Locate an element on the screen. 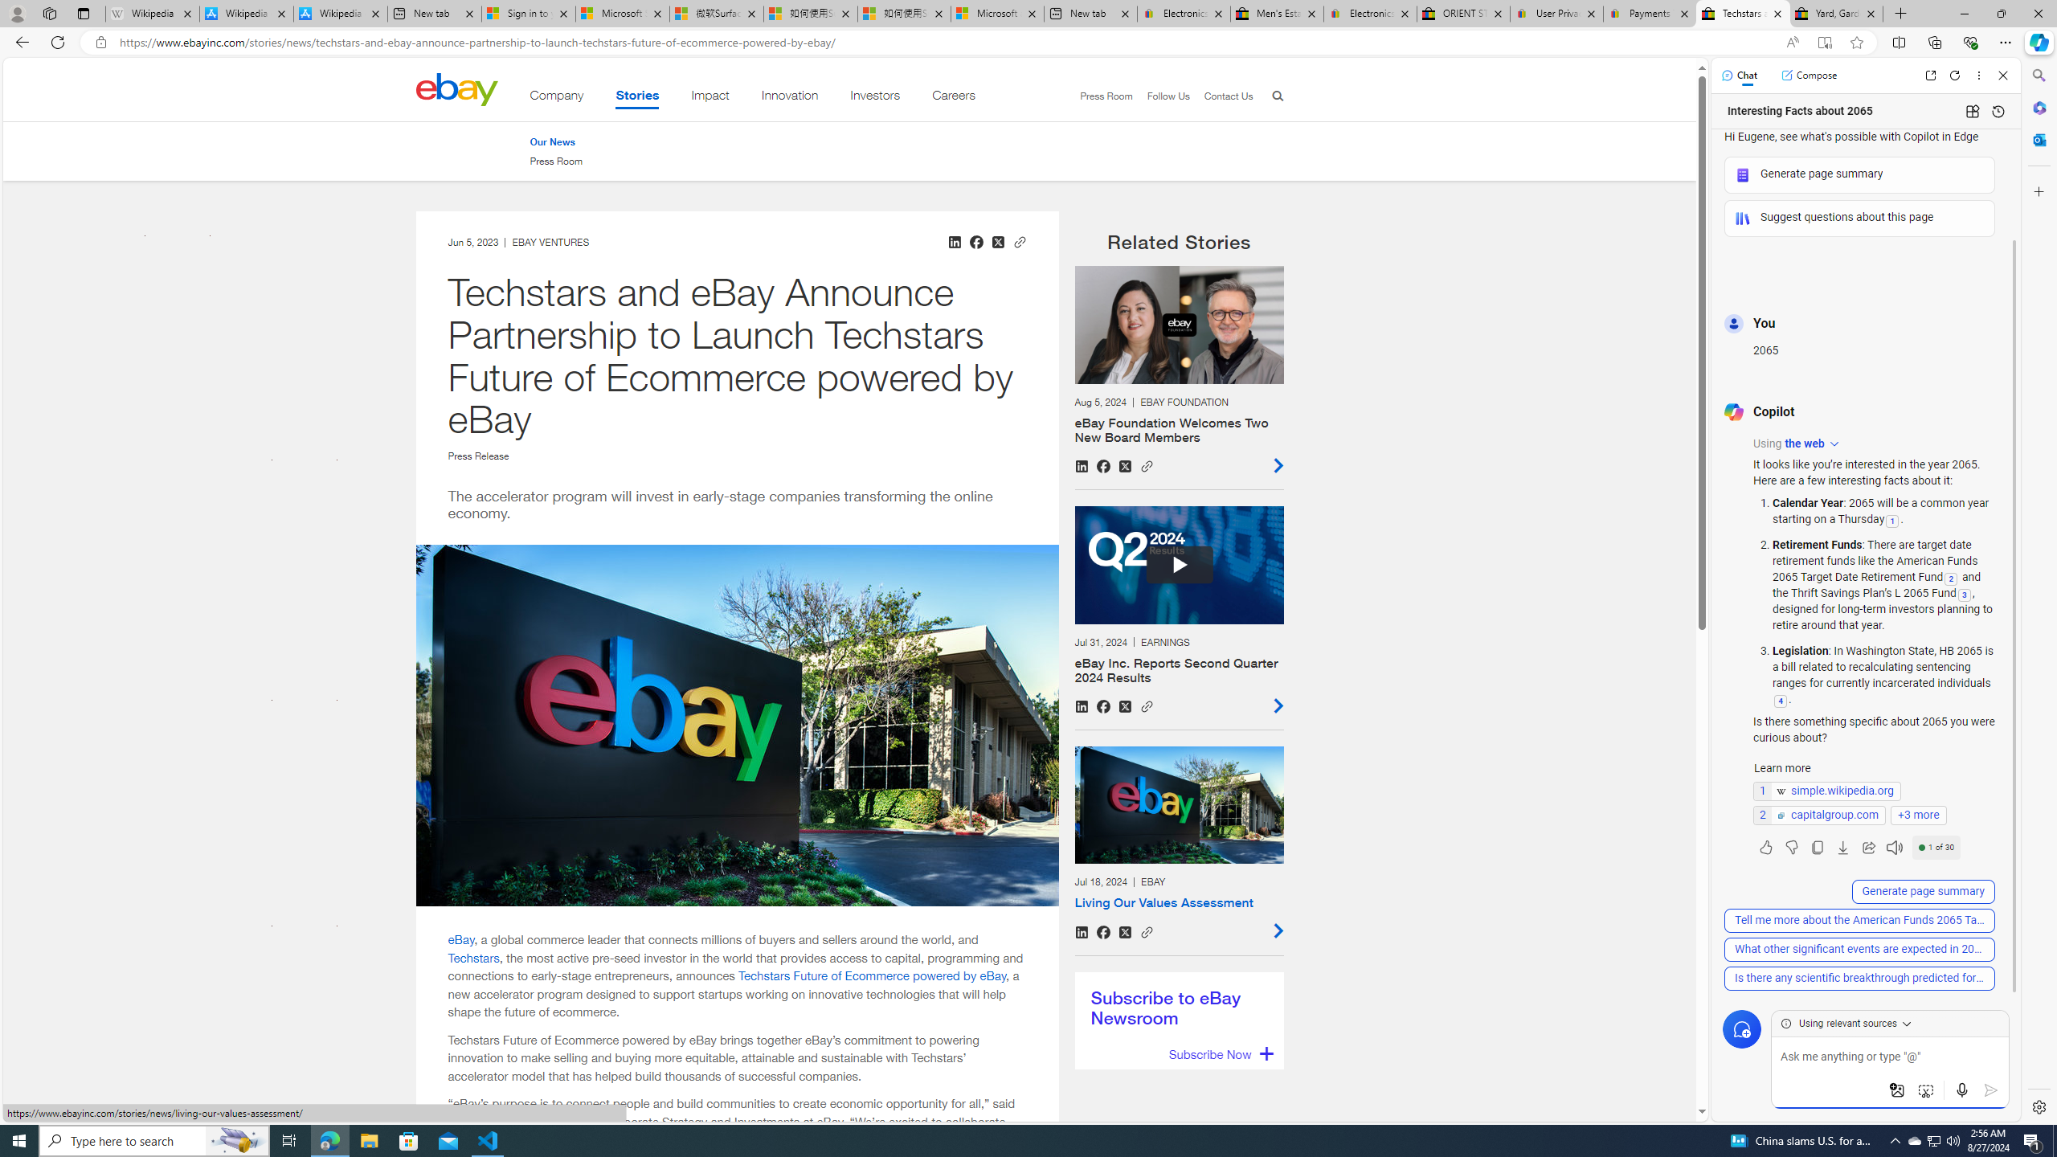 The image size is (2057, 1157). 'Investors' is located at coordinates (874, 98).